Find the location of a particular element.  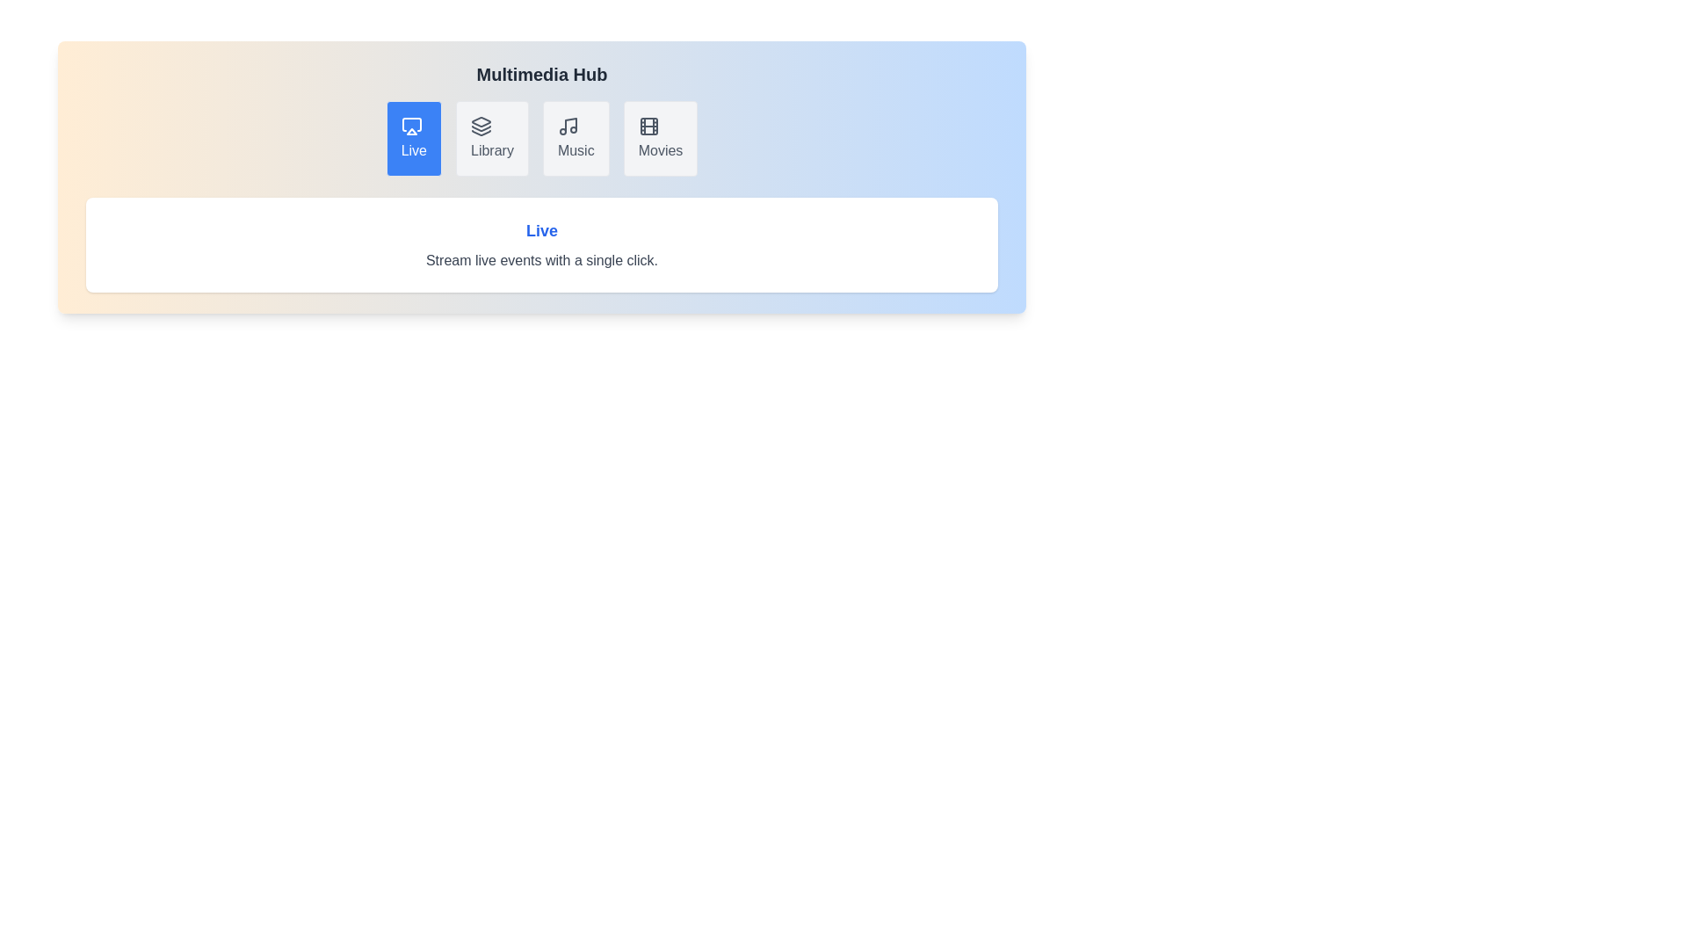

the tab labeled Live is located at coordinates (412, 138).